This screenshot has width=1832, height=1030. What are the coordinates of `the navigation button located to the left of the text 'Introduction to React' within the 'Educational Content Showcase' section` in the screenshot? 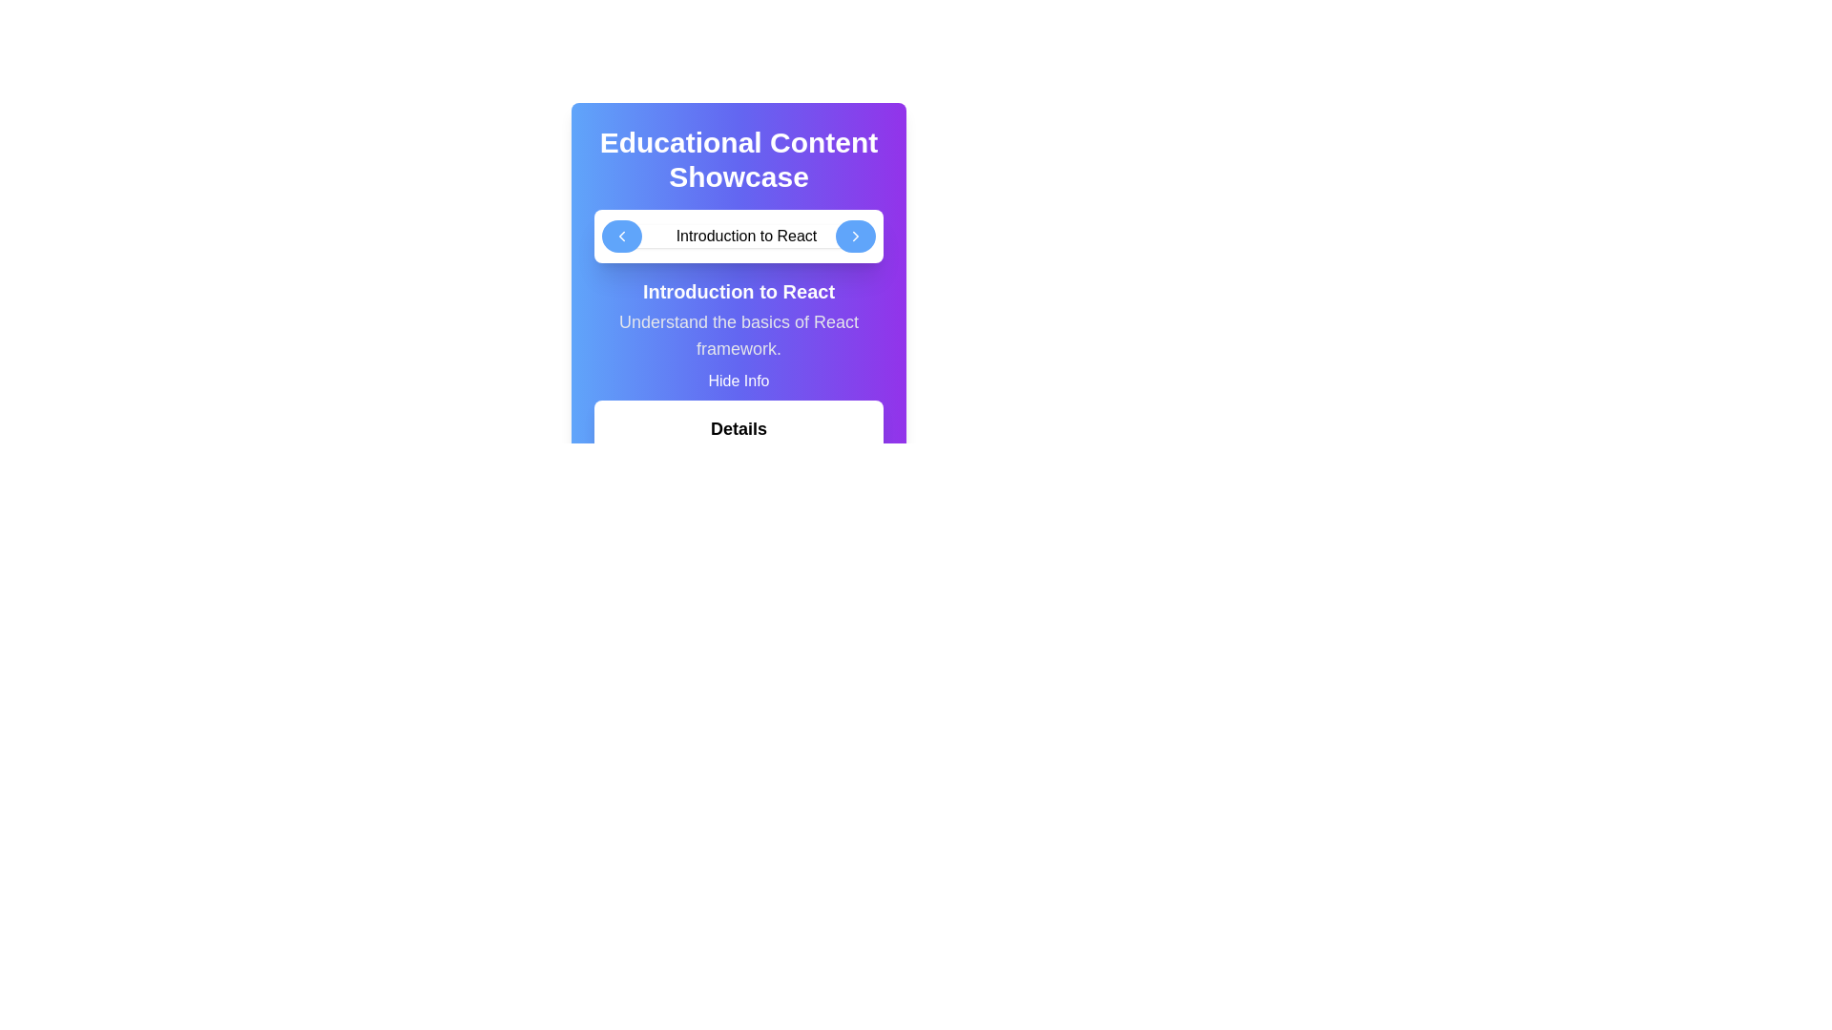 It's located at (621, 235).